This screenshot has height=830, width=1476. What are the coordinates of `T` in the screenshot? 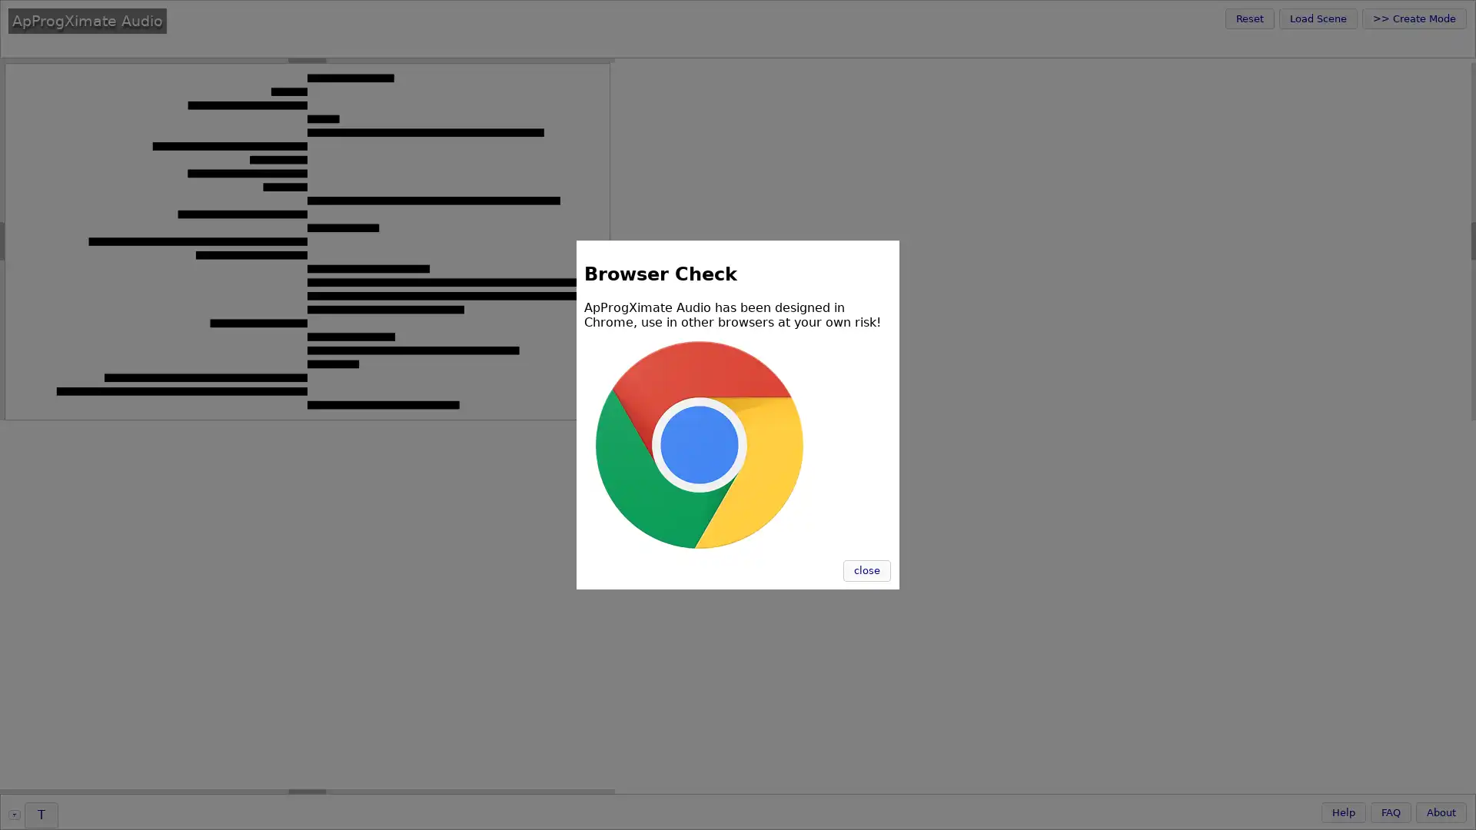 It's located at (41, 807).